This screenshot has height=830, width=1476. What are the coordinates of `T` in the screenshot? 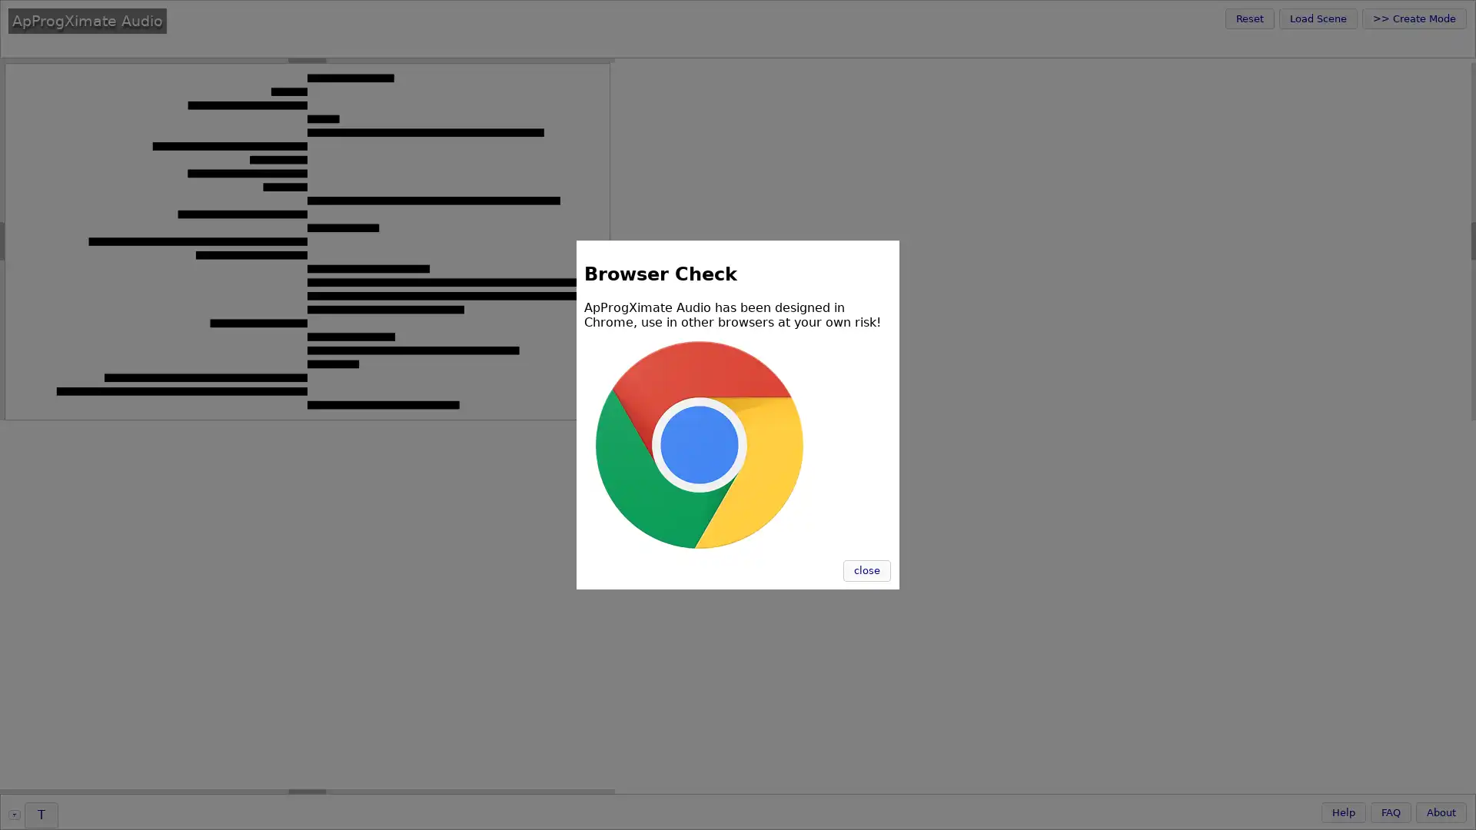 It's located at (41, 807).